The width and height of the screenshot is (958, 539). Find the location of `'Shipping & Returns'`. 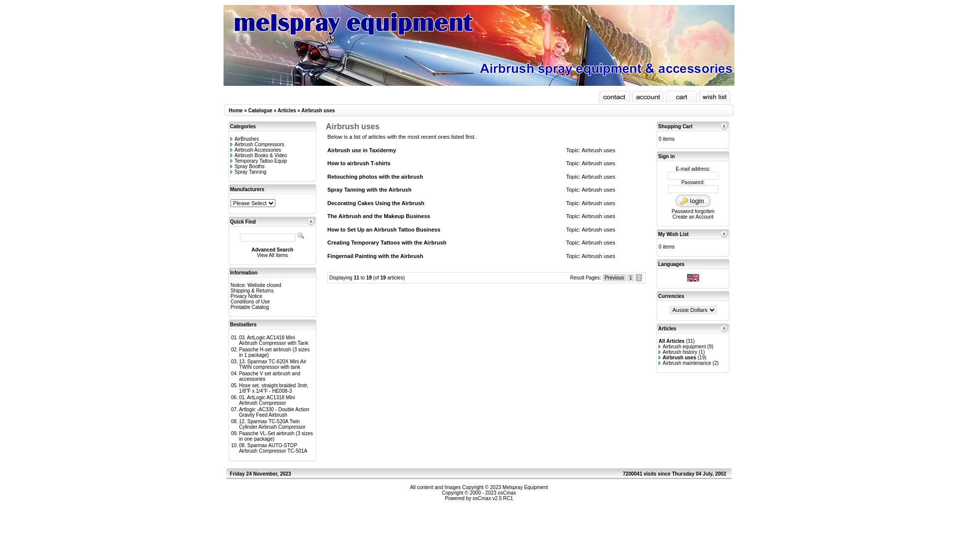

'Shipping & Returns' is located at coordinates (230, 290).